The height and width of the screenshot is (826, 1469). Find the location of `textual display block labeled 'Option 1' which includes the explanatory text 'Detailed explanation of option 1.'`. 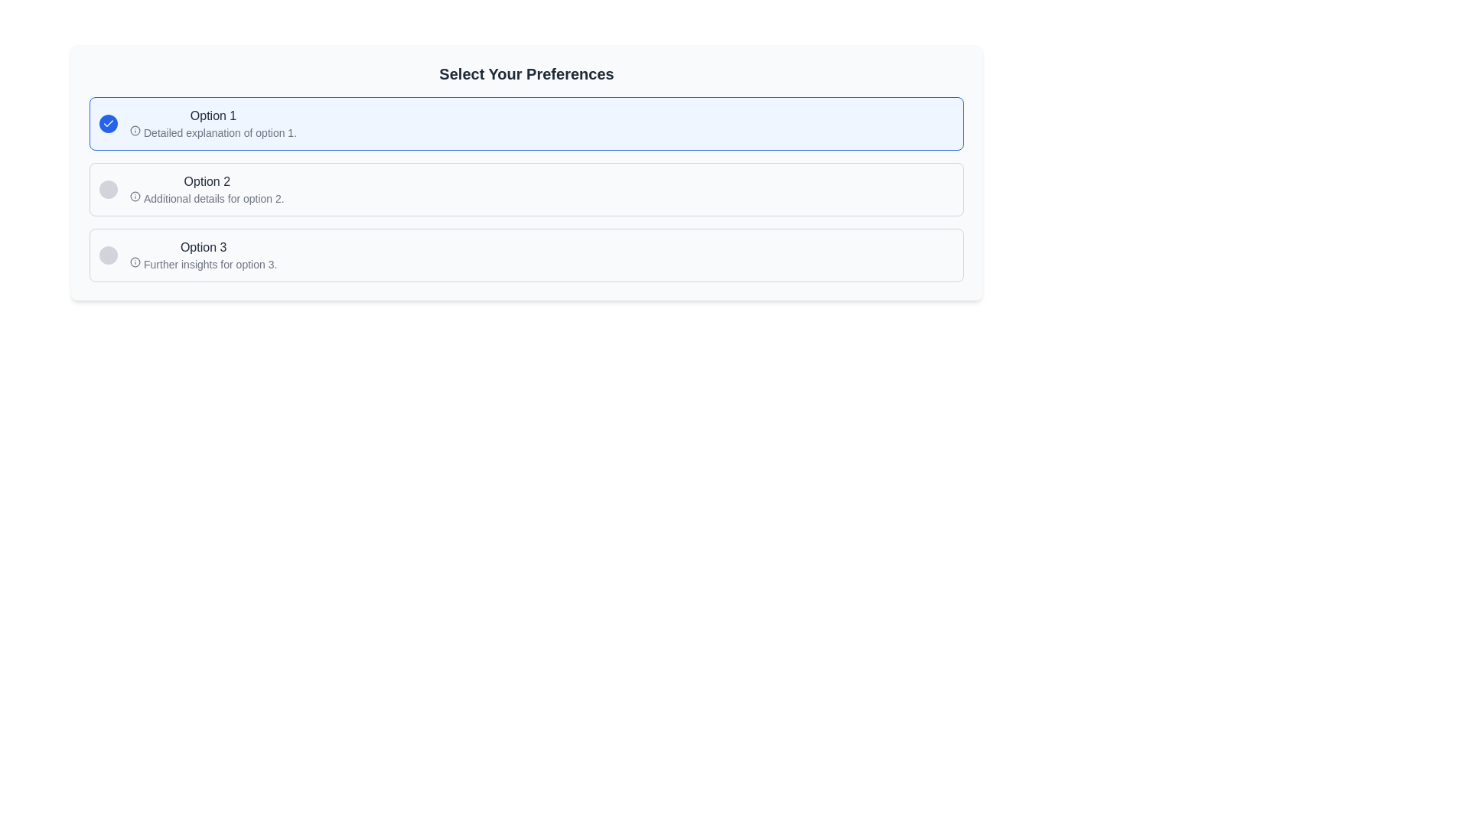

textual display block labeled 'Option 1' which includes the explanatory text 'Detailed explanation of option 1.' is located at coordinates (212, 123).